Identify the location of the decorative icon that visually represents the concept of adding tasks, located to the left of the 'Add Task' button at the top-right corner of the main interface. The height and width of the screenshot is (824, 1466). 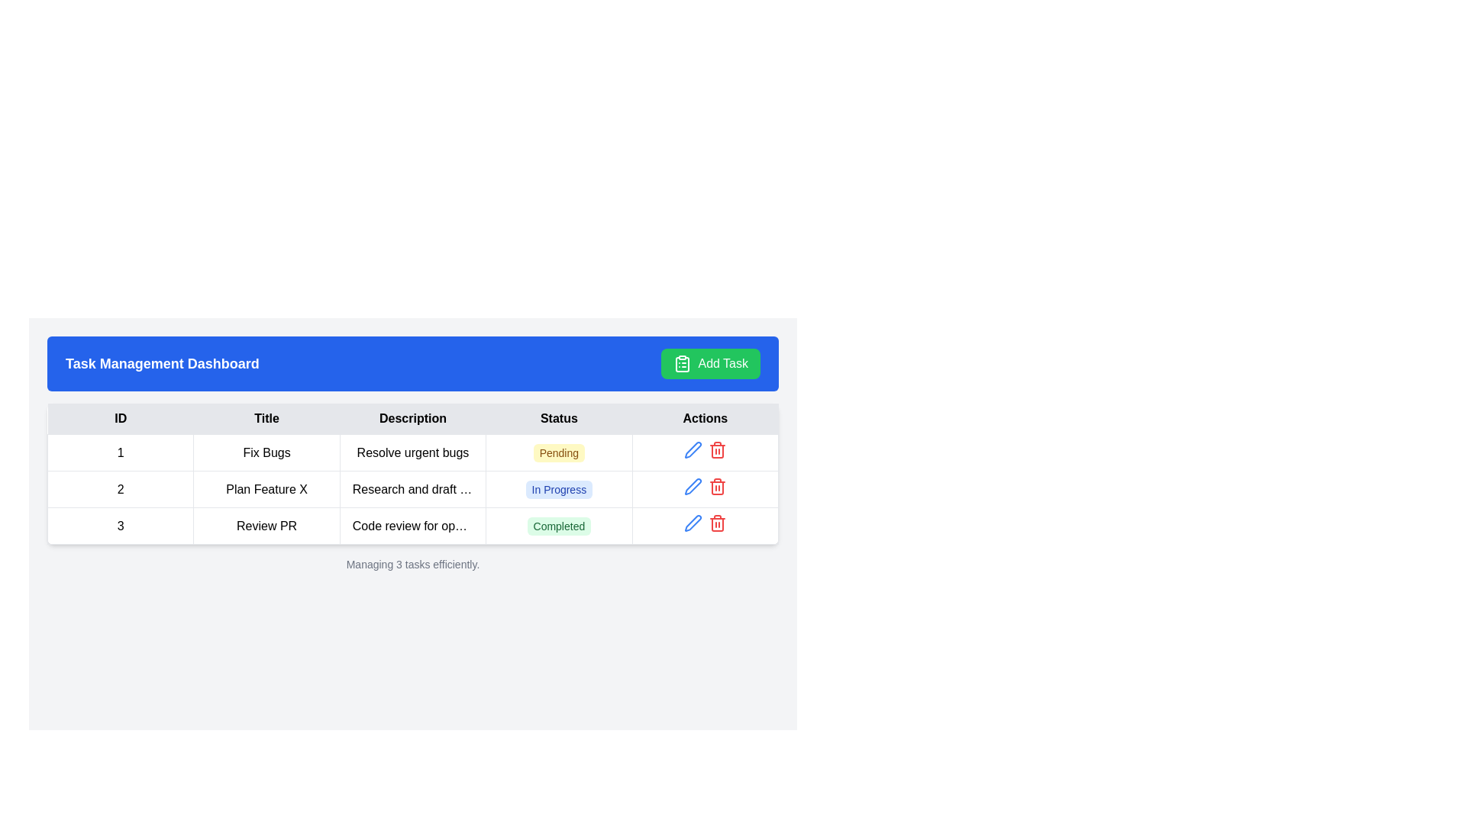
(682, 364).